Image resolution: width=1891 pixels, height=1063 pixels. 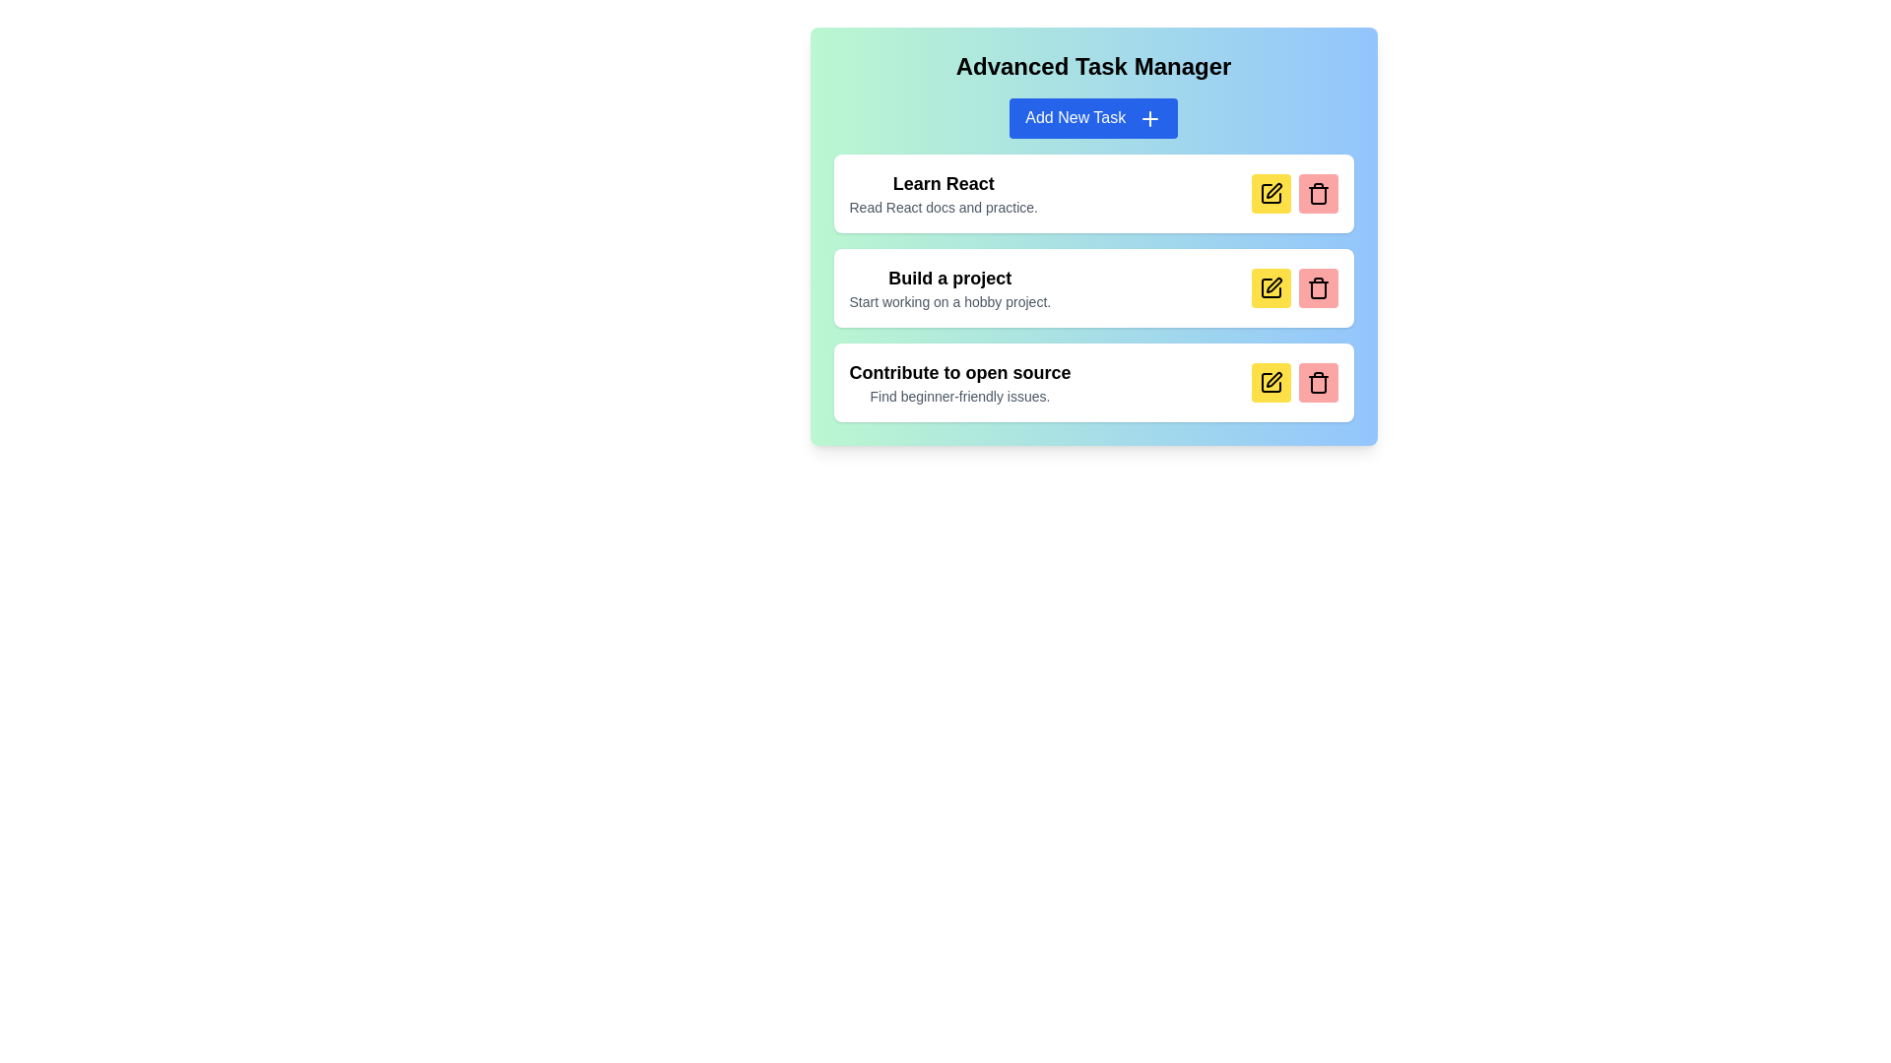 What do you see at coordinates (1271, 382) in the screenshot?
I see `edit button for the task titled Contribute to open source` at bounding box center [1271, 382].